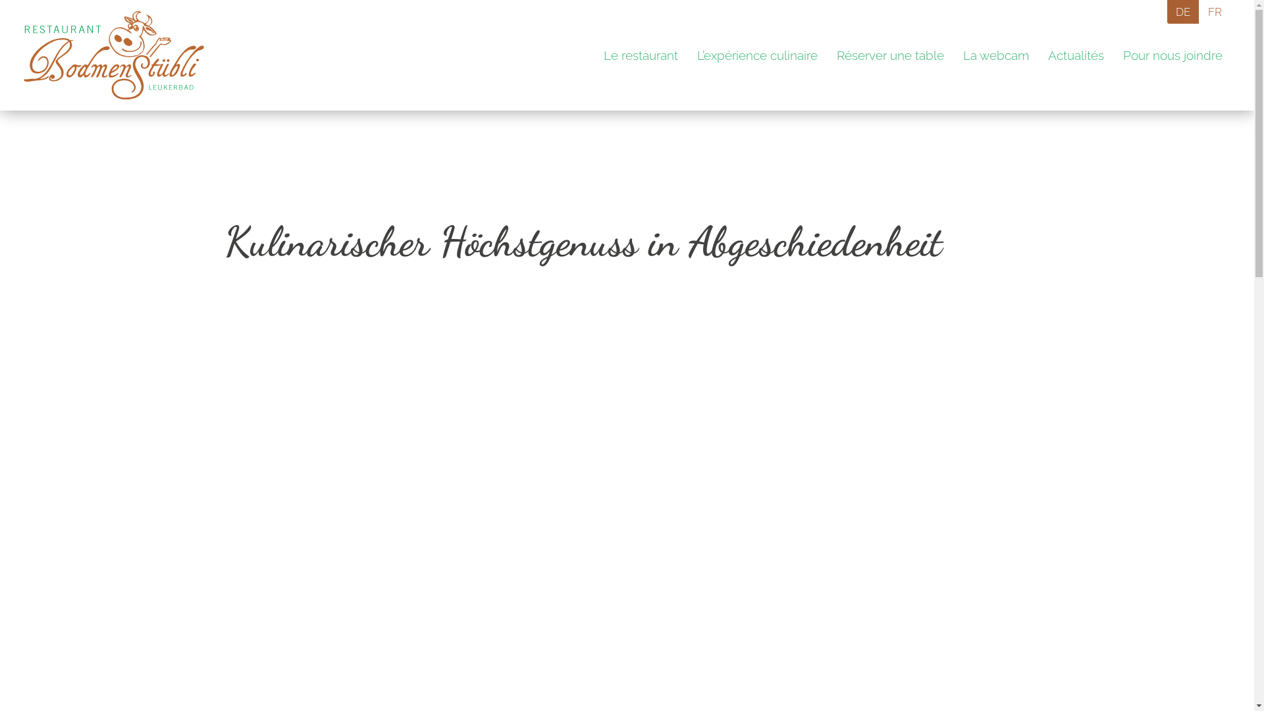  What do you see at coordinates (1213, 12) in the screenshot?
I see `'FR'` at bounding box center [1213, 12].